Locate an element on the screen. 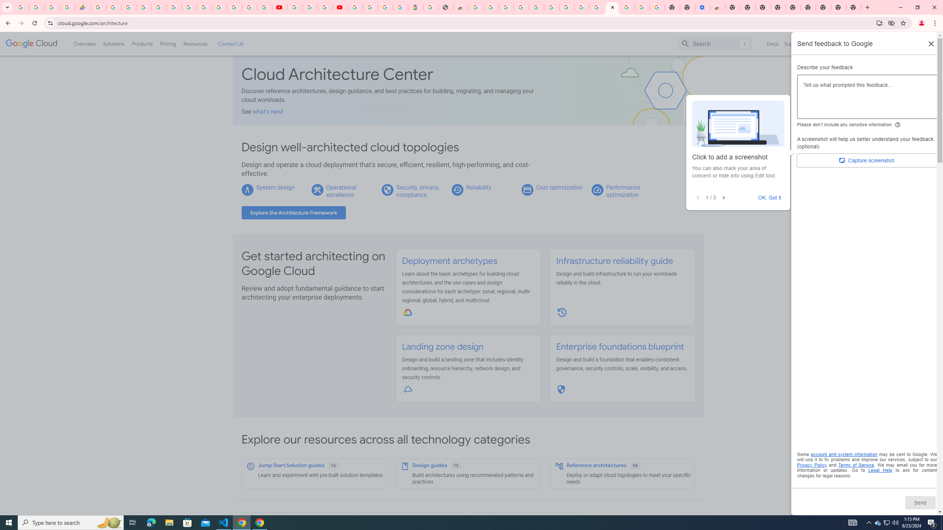 The width and height of the screenshot is (943, 530). 'Products' is located at coordinates (141, 43).